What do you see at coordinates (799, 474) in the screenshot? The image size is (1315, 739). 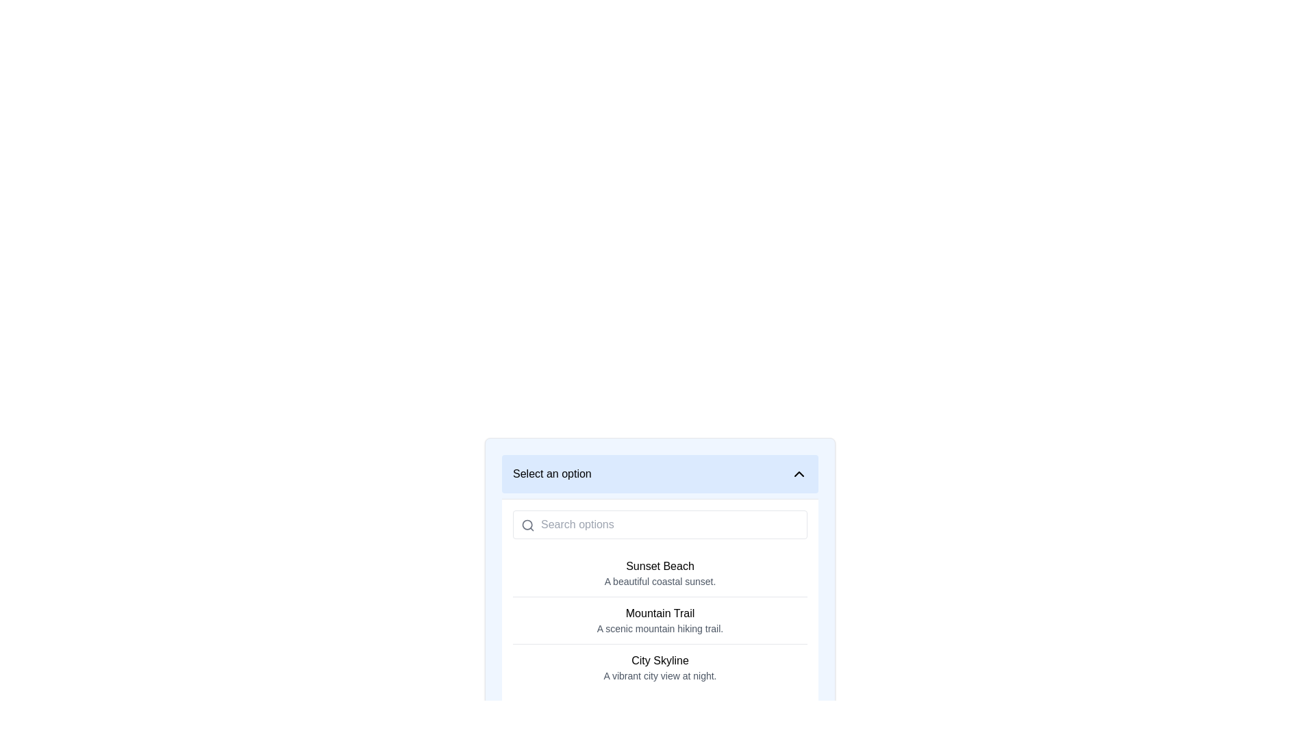 I see `the toggle icon located on the right side of the 'Select an option' dropdown menu` at bounding box center [799, 474].